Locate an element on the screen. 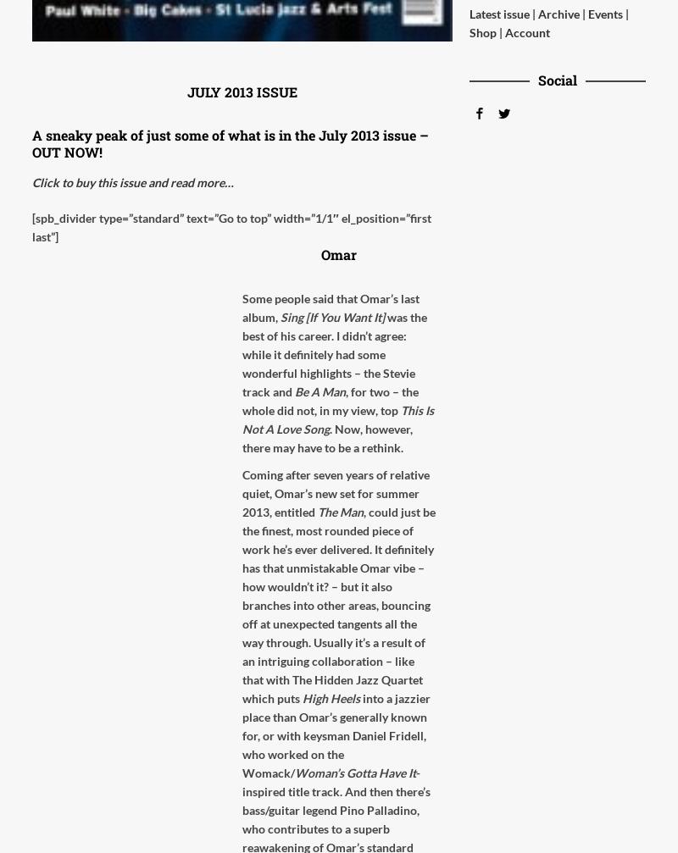  ', for two – the whole did not, in my view, top' is located at coordinates (242, 401).